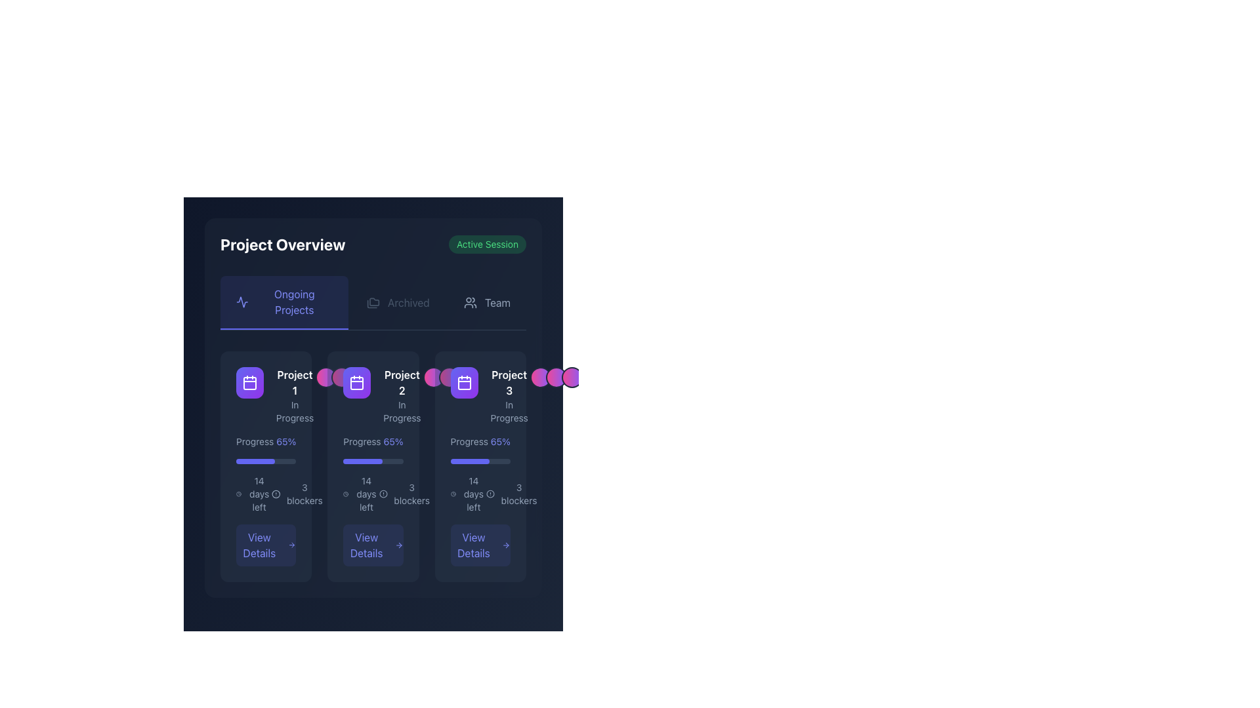 The image size is (1260, 708). What do you see at coordinates (382, 395) in the screenshot?
I see `the project card displaying its title and status, located in the middle column between 'Project 1' and 'Project 3' under the 'Ongoing Projects' section` at bounding box center [382, 395].